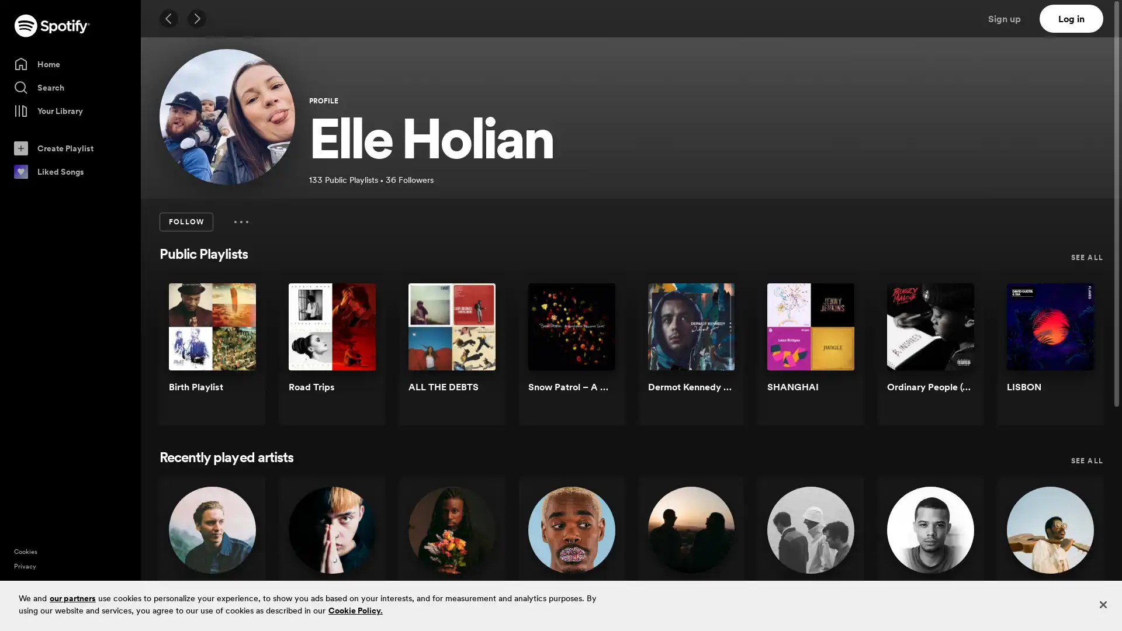 This screenshot has width=1122, height=631. I want to click on Play Ordinary People (feat. JP Cooper)  Bugzy Malone, so click(955, 355).